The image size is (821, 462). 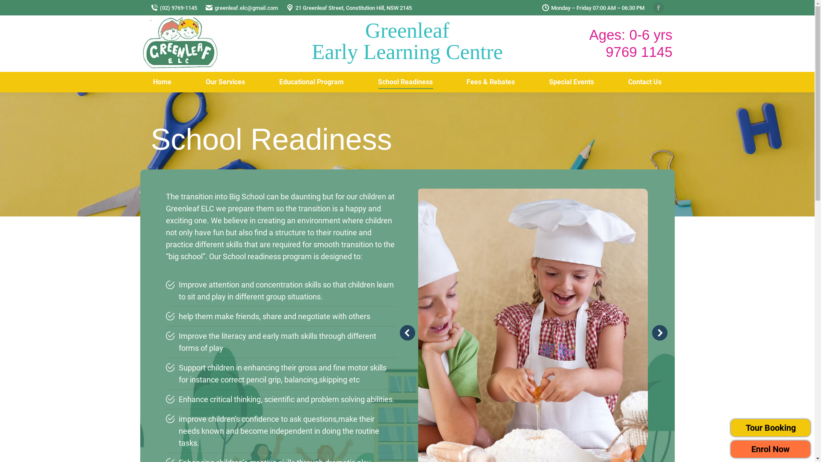 I want to click on 'School Readiness', so click(x=405, y=82).